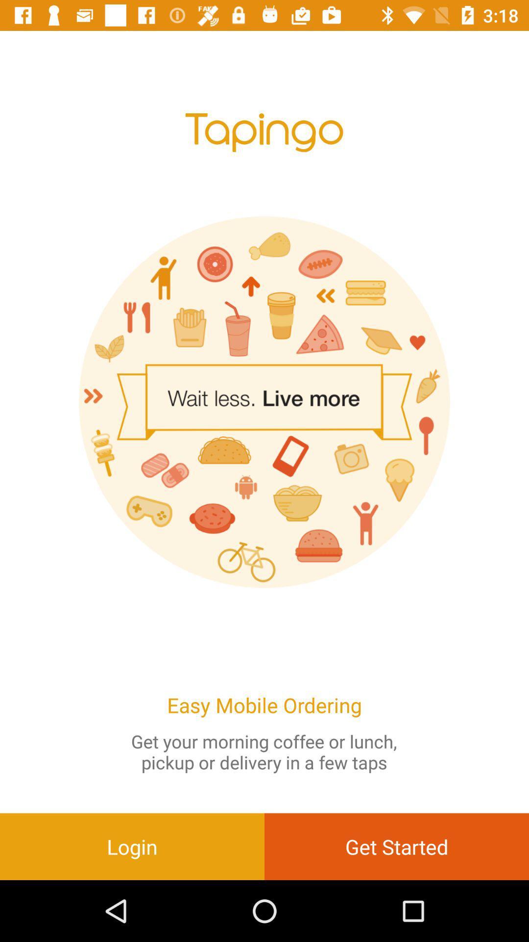  I want to click on the login at the bottom left corner, so click(132, 846).